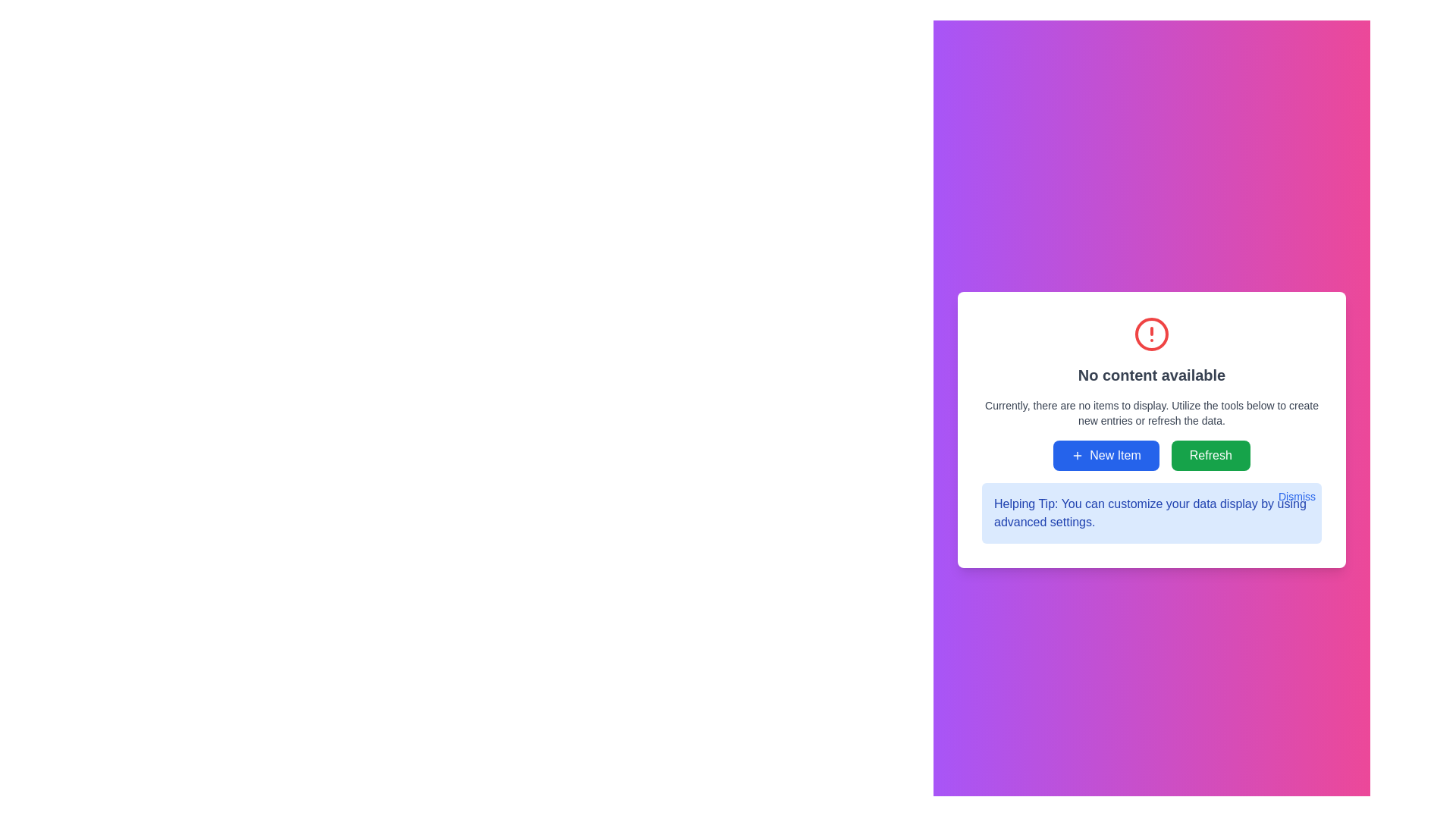  Describe the element at coordinates (1077, 455) in the screenshot. I see `the graphical representation of the plus sign icon located to the left of the 'New Item' text within the blue button at the bottom of the 'No content available' message card` at that location.